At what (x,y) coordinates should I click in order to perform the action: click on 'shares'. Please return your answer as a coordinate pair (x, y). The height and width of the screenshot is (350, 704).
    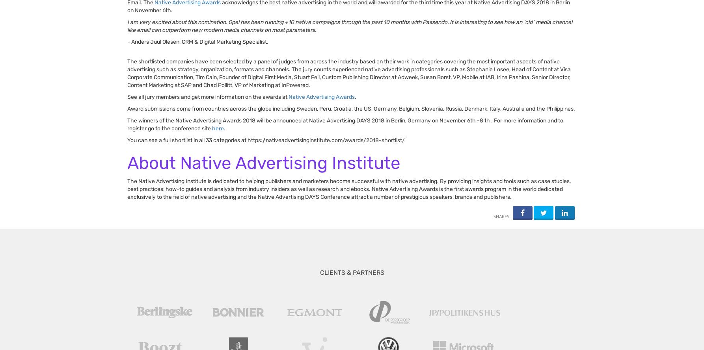
    Looking at the image, I should click on (493, 216).